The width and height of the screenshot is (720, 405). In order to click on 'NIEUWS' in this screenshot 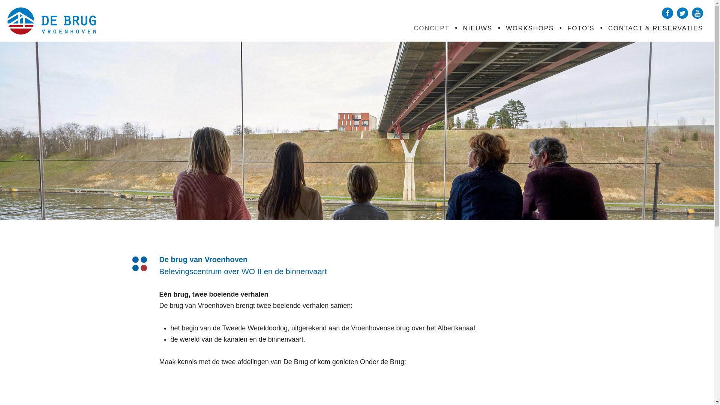, I will do `click(477, 28)`.